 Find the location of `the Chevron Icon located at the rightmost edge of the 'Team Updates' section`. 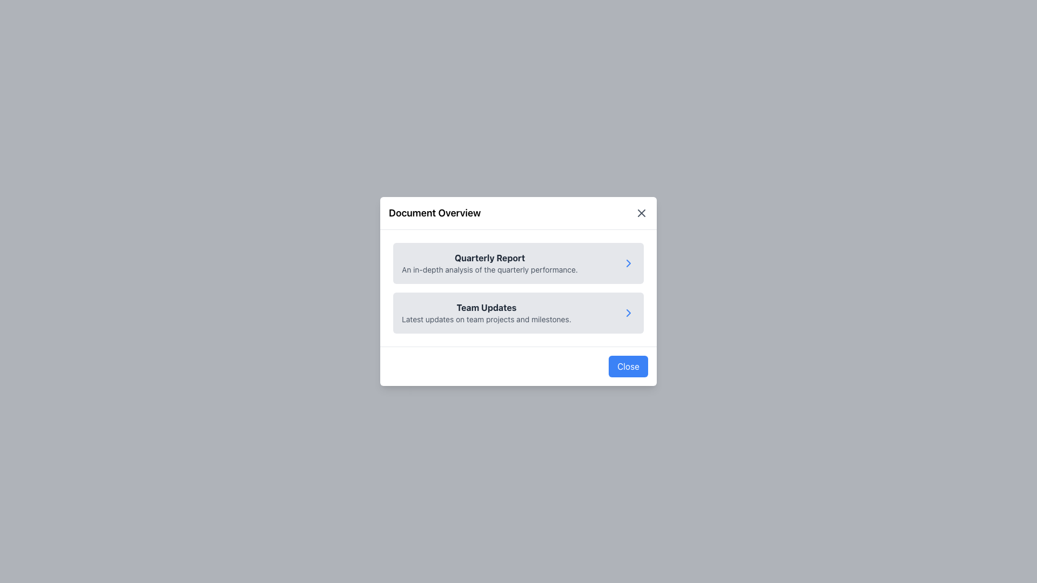

the Chevron Icon located at the rightmost edge of the 'Team Updates' section is located at coordinates (628, 313).